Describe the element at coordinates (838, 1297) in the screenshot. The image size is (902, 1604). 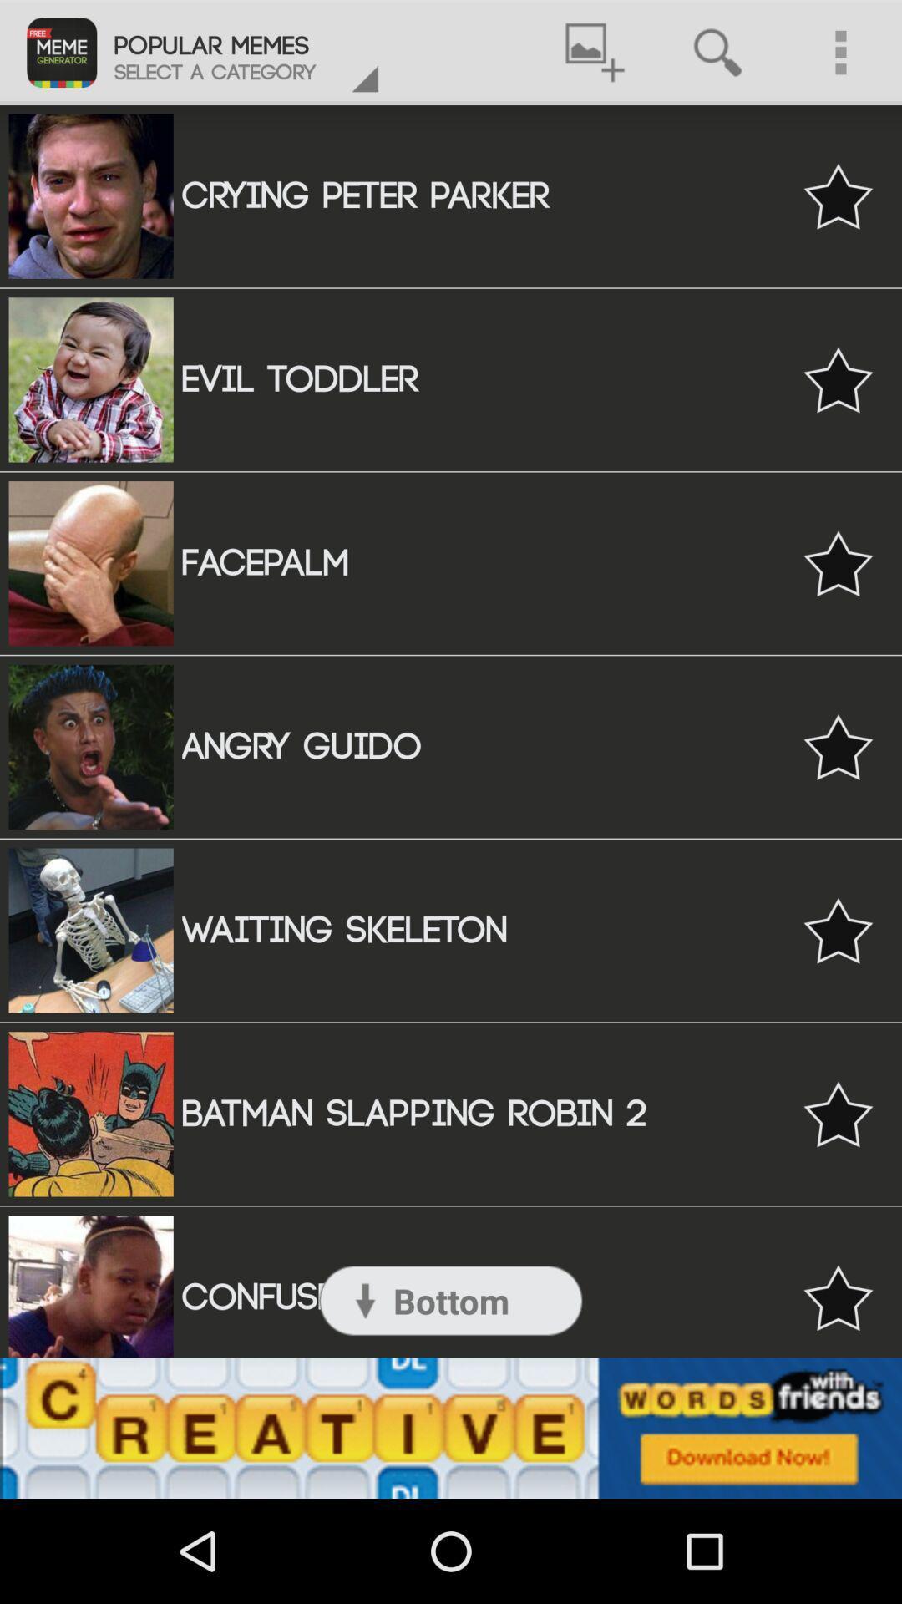
I see `this meme` at that location.